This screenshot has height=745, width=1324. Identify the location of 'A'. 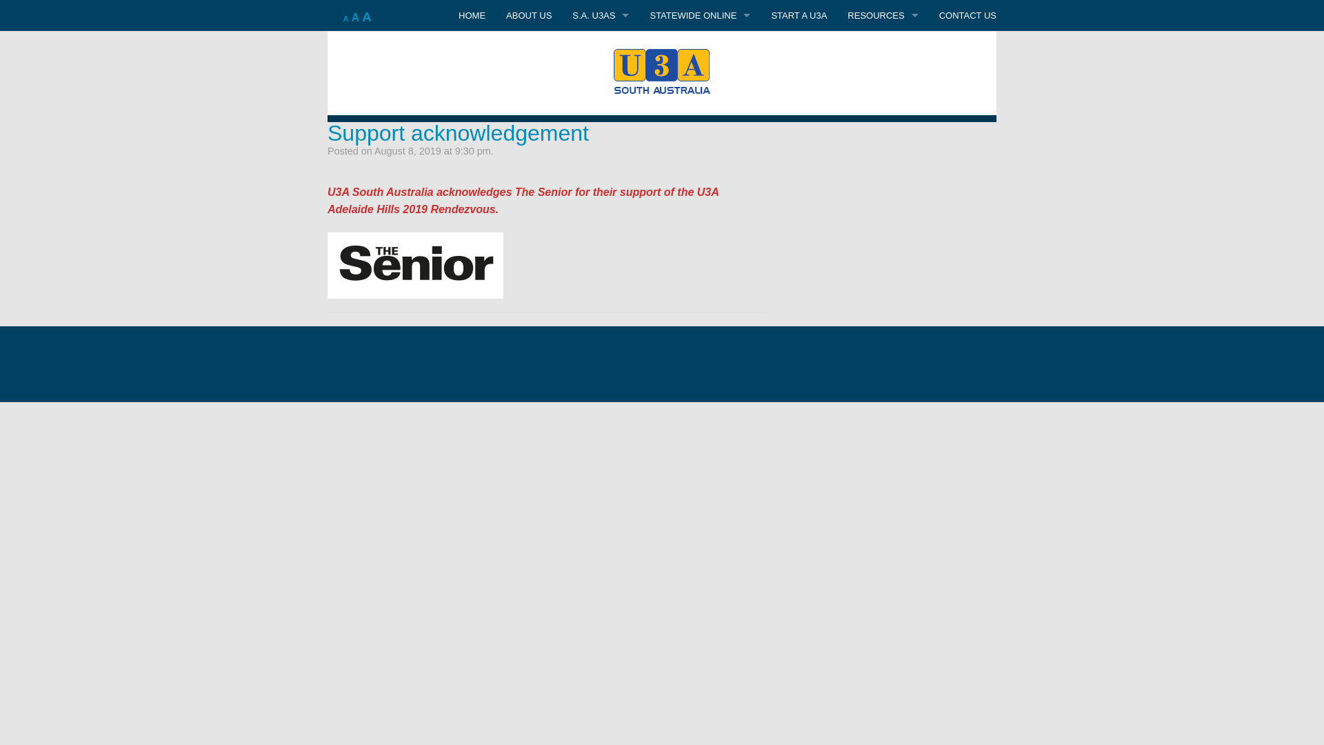
(361, 17).